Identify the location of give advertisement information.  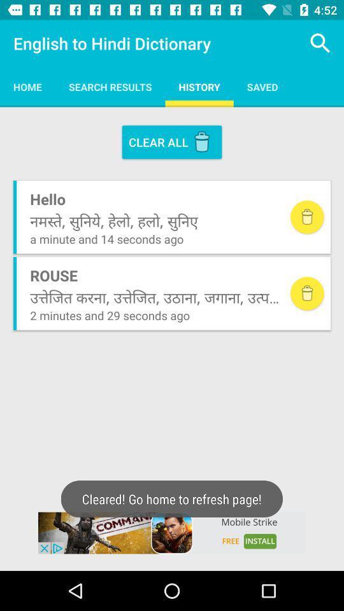
(172, 533).